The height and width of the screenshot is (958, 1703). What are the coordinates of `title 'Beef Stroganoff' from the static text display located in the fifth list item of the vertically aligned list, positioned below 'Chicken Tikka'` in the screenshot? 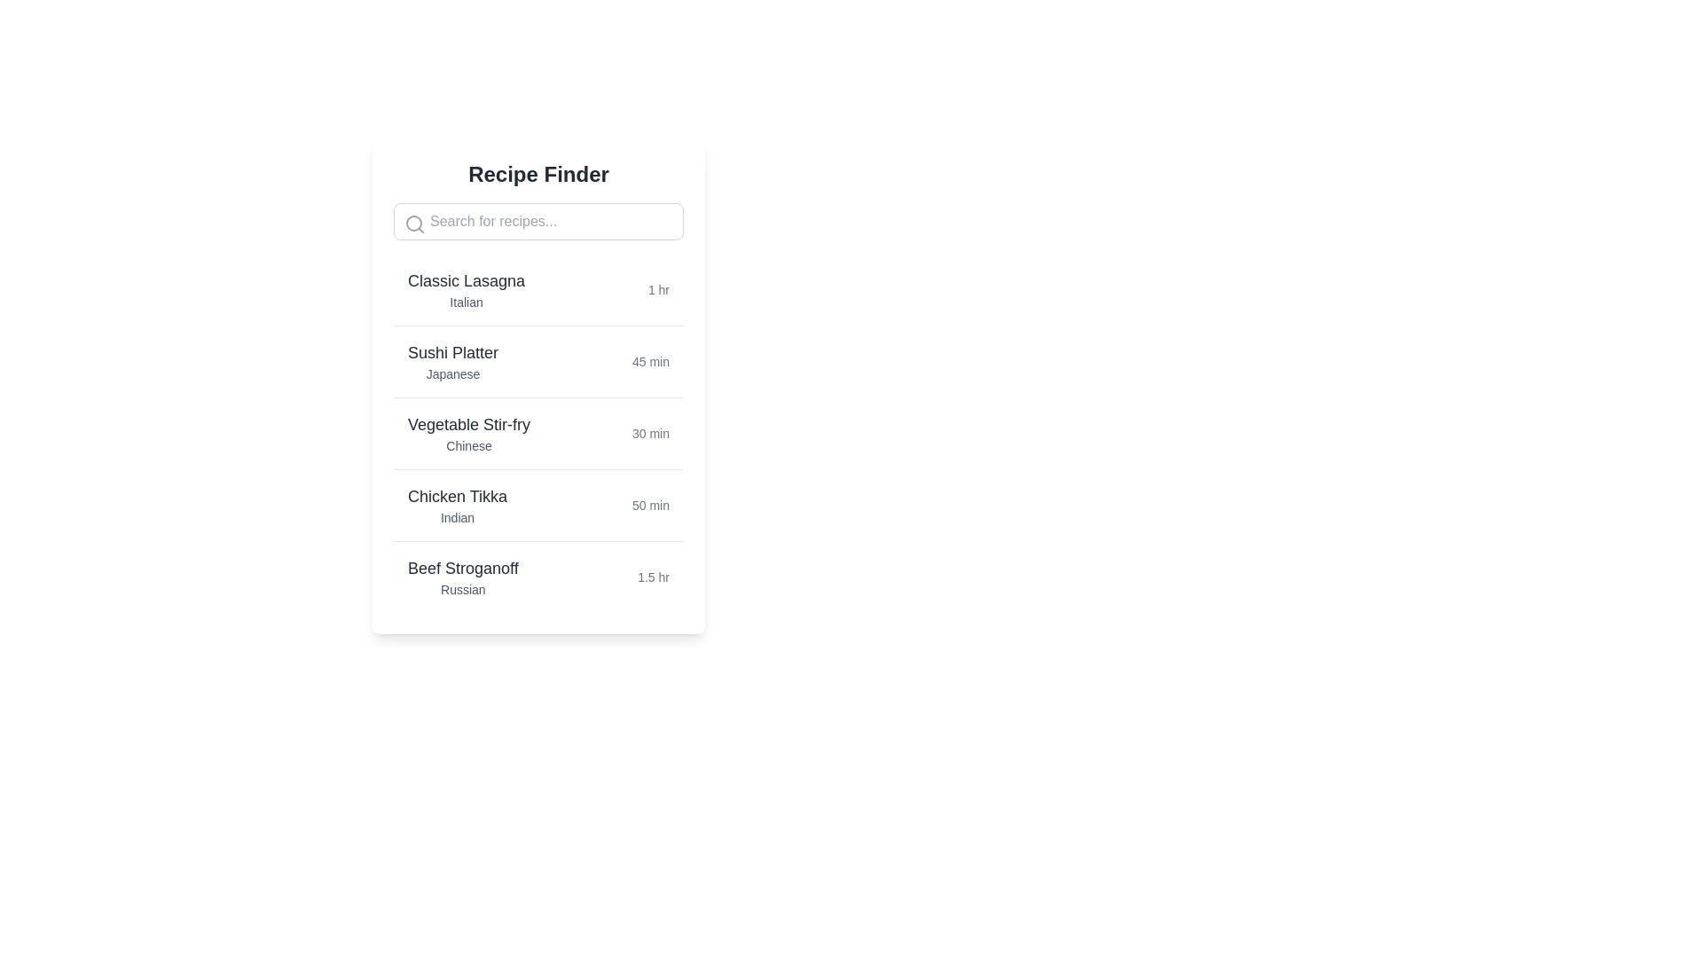 It's located at (463, 577).